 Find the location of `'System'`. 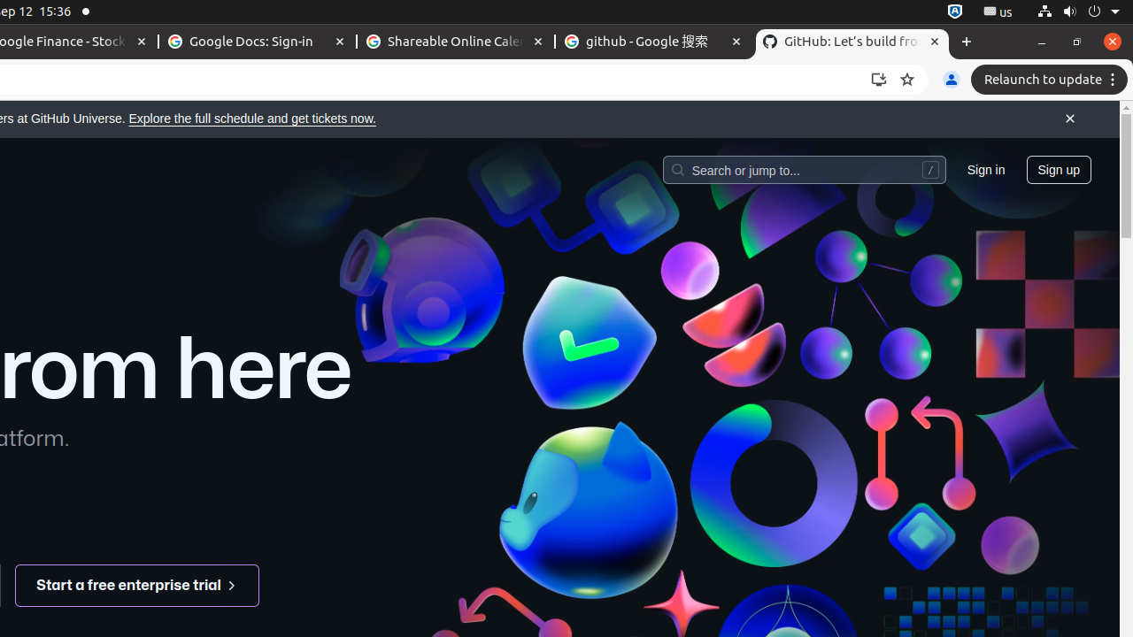

'System' is located at coordinates (1077, 12).